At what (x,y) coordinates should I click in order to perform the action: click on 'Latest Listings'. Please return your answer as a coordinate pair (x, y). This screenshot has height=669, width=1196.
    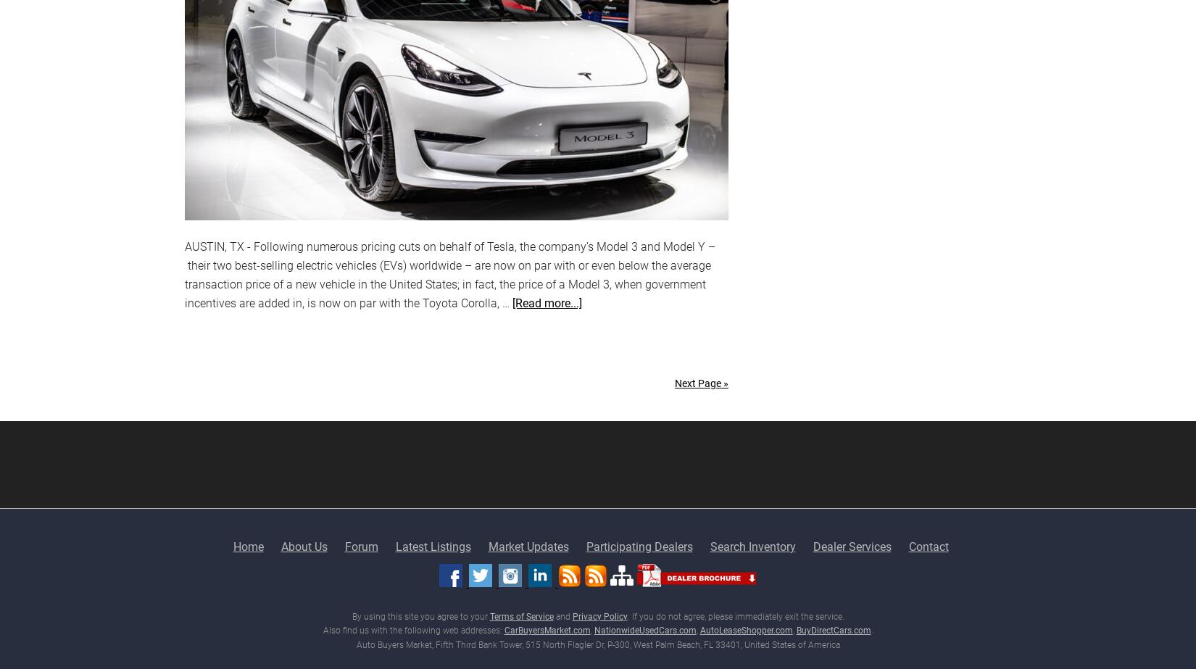
    Looking at the image, I should click on (431, 545).